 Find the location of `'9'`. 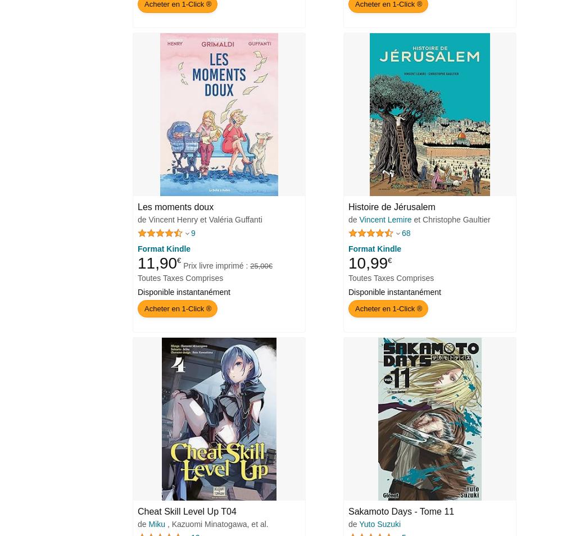

'9' is located at coordinates (190, 233).